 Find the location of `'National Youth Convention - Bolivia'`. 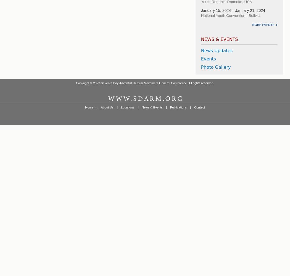

'National Youth Convention - Bolivia' is located at coordinates (201, 15).